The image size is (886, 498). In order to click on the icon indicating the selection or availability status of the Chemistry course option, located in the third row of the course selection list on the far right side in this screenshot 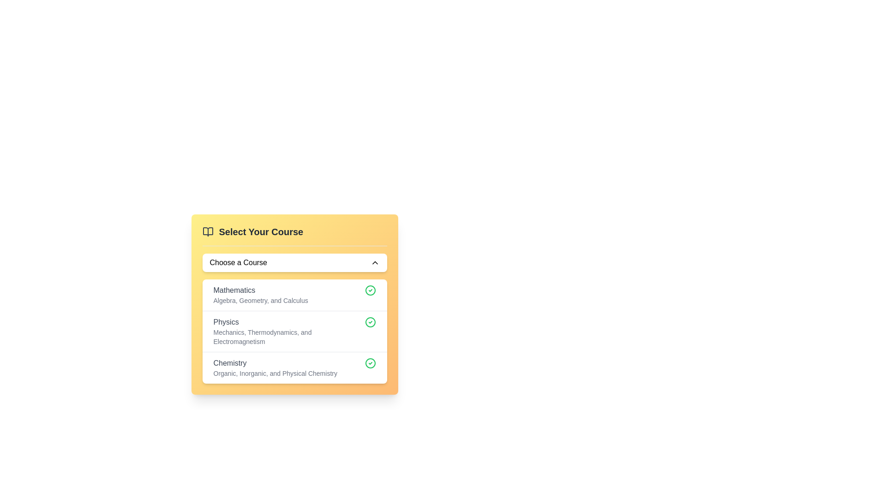, I will do `click(370, 362)`.